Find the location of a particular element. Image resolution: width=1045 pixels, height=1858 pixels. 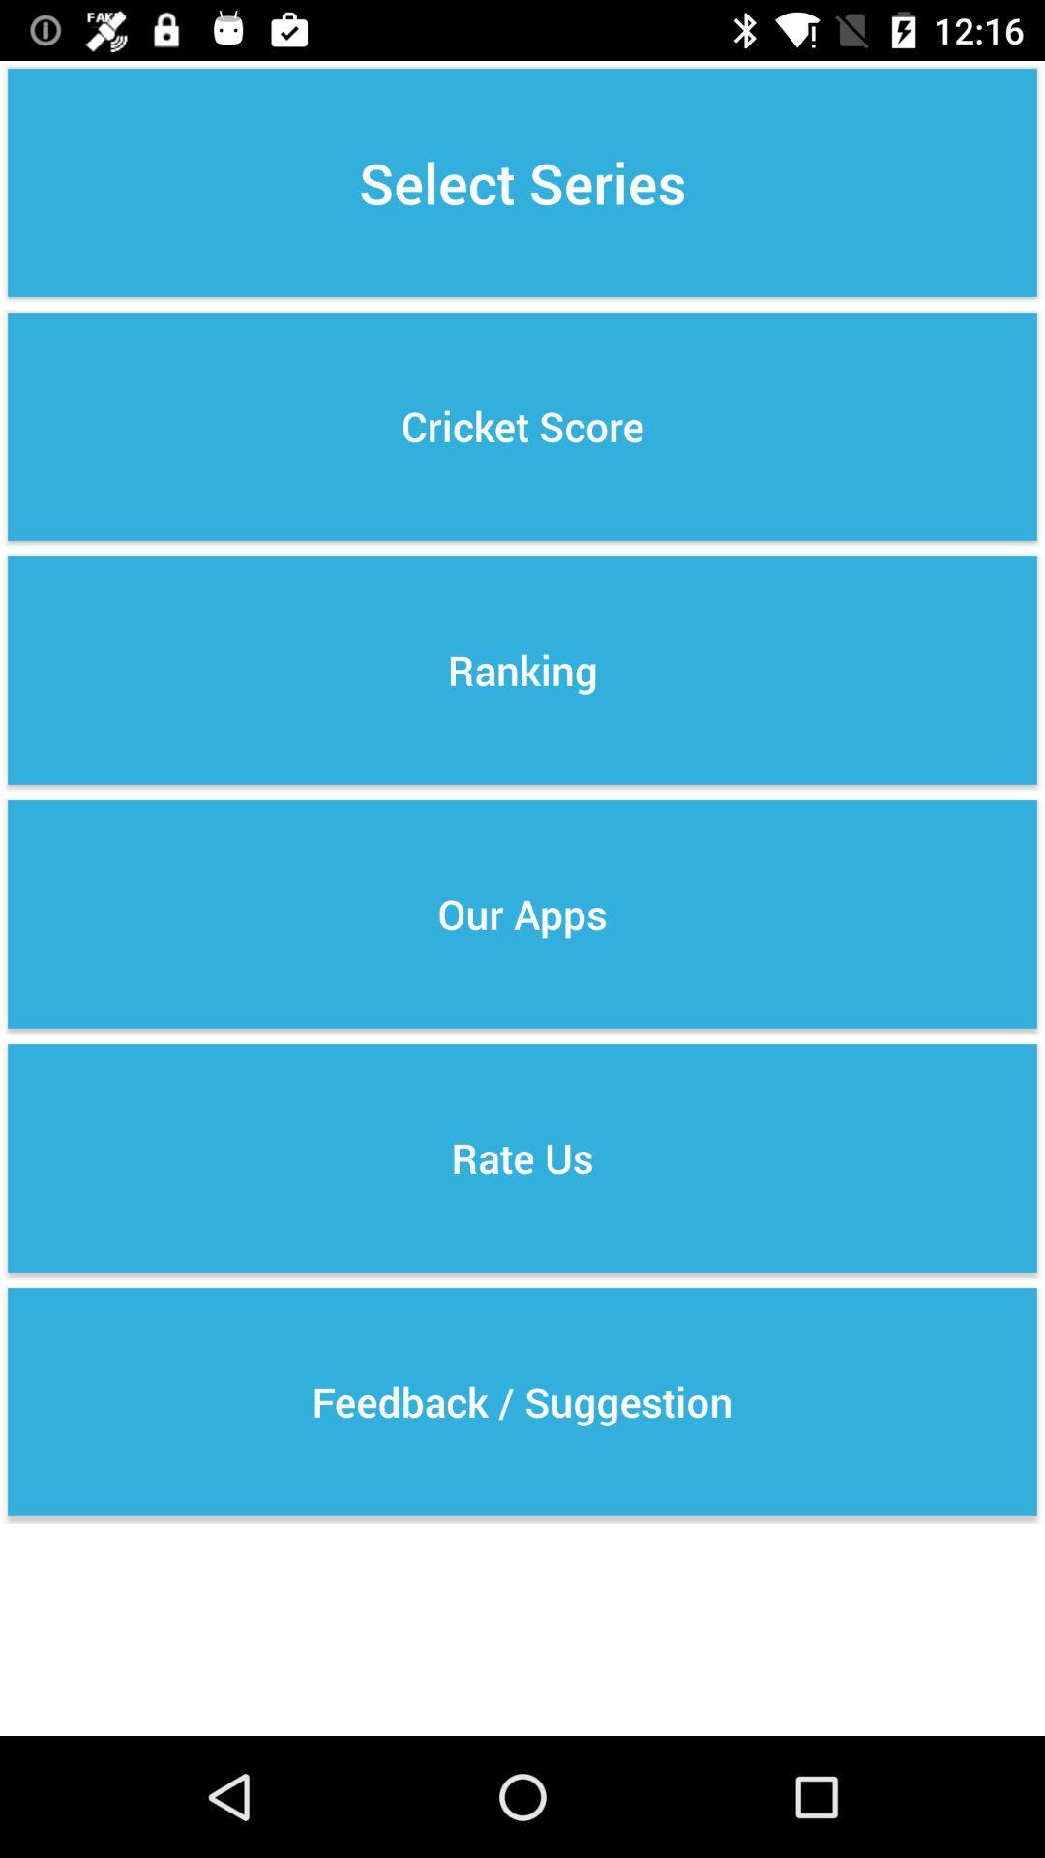

the icon above feedback / suggestion icon is located at coordinates (522, 1157).